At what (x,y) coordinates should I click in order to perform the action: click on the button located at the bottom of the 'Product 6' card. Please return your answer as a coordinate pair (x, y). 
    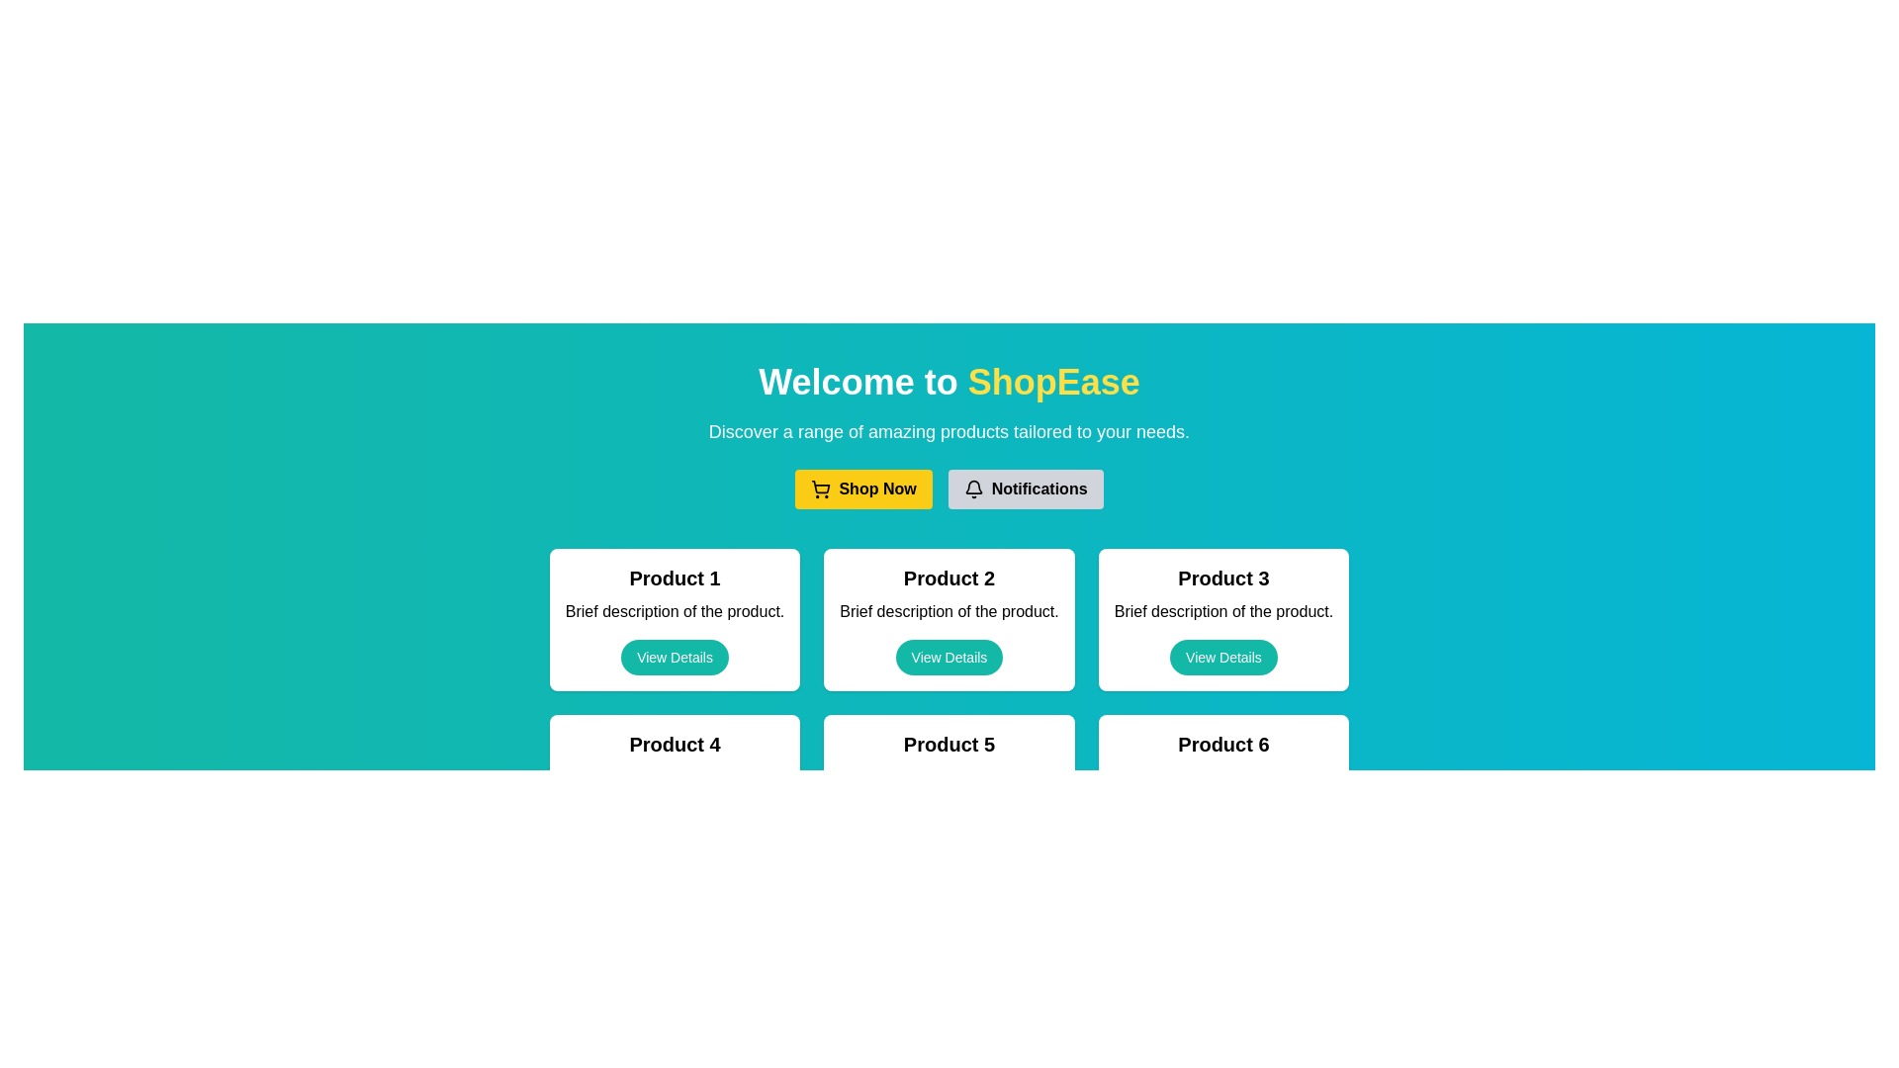
    Looking at the image, I should click on (1222, 824).